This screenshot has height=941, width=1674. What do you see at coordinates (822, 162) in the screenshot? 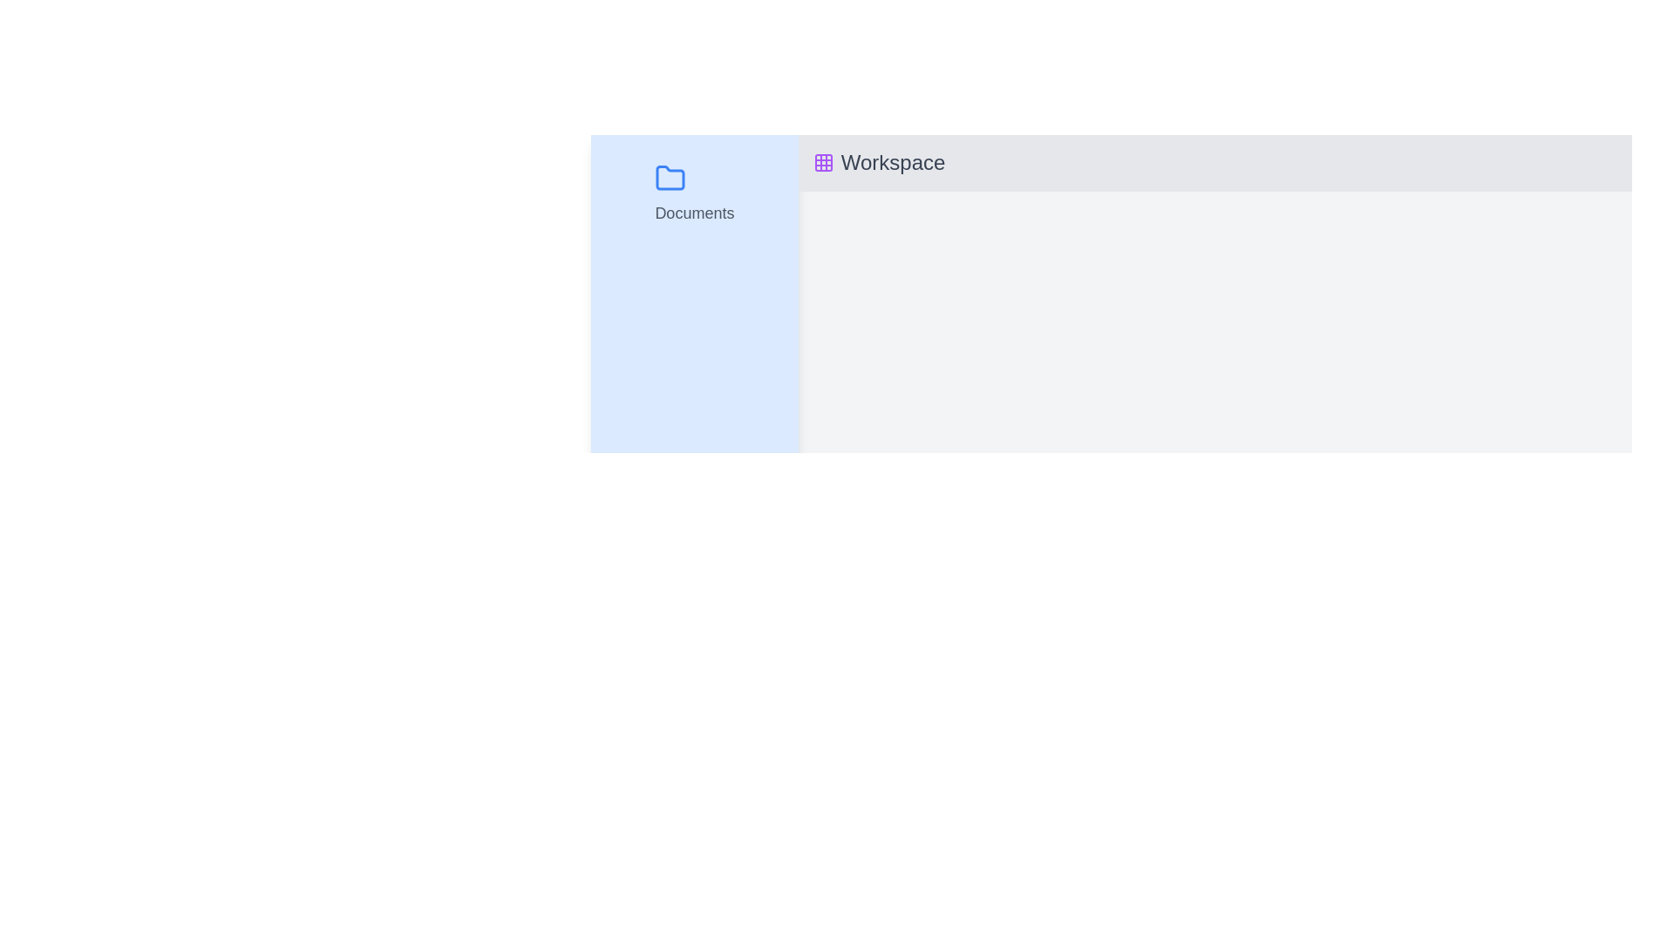
I see `the purple grid-like icon with a 3x3 arrangement of squares located in the top-center area of the interface, preceding the text label 'Workspace'` at bounding box center [822, 162].